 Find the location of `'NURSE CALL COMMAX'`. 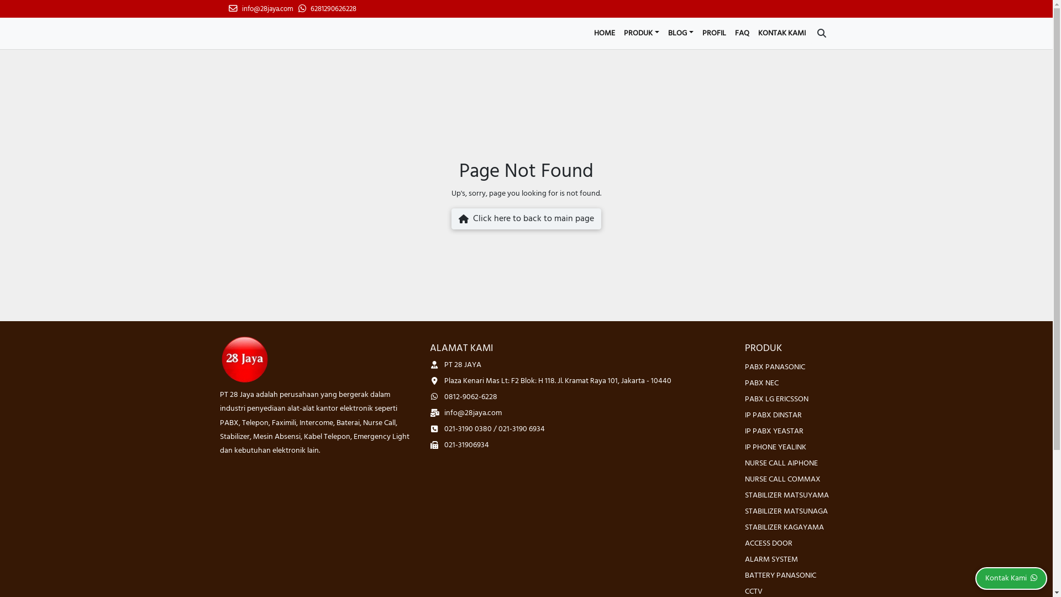

'NURSE CALL COMMAX' is located at coordinates (782, 479).